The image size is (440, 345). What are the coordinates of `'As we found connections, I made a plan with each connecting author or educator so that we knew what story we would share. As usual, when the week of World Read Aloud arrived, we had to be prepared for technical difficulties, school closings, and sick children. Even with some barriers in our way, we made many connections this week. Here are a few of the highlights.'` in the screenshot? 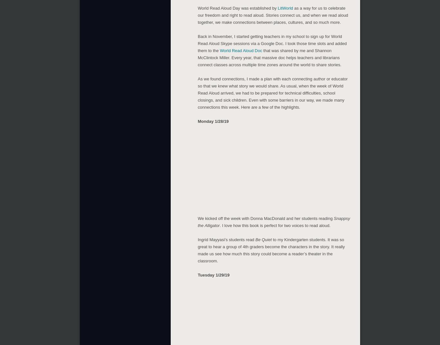 It's located at (197, 91).